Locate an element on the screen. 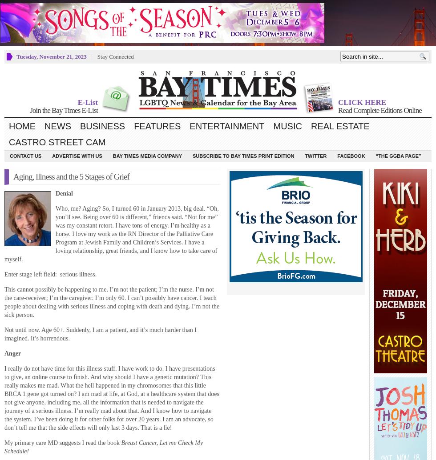 Image resolution: width=436 pixels, height=460 pixels. 'Home' is located at coordinates (22, 125).